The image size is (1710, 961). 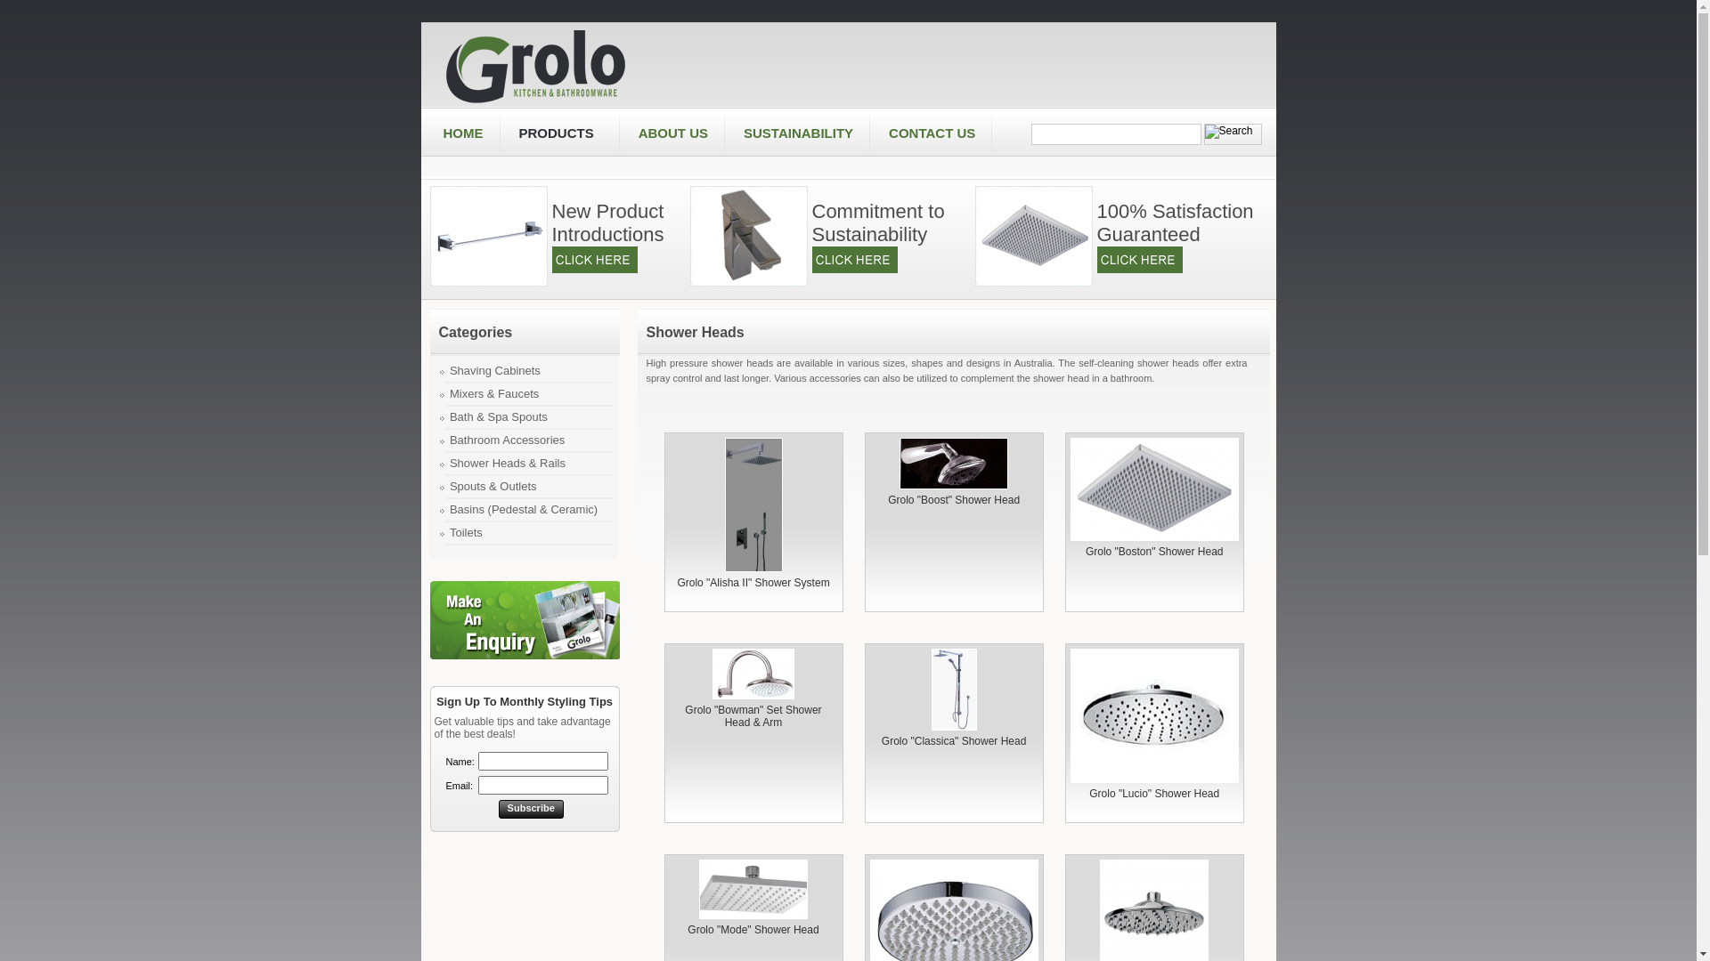 I want to click on 'Grolo "Boost" Shower Head', so click(x=952, y=500).